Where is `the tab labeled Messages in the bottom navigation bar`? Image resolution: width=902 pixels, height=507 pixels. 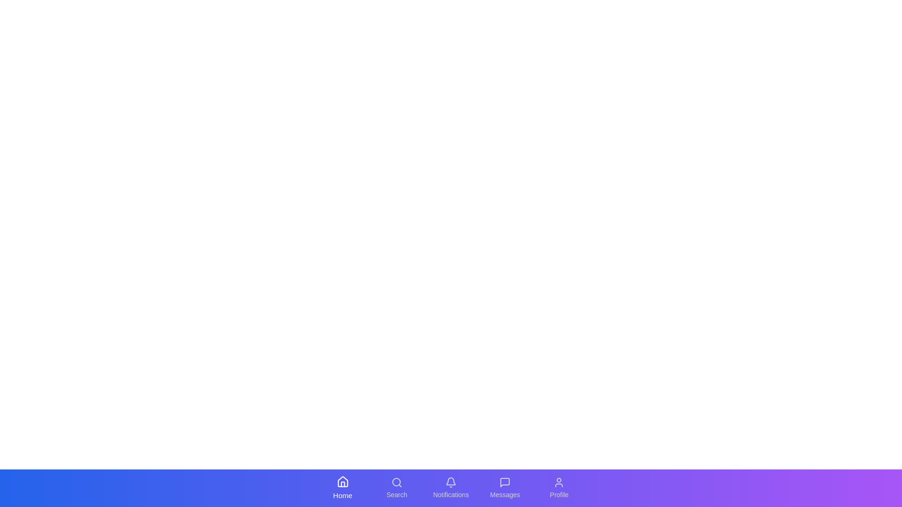
the tab labeled Messages in the bottom navigation bar is located at coordinates (505, 488).